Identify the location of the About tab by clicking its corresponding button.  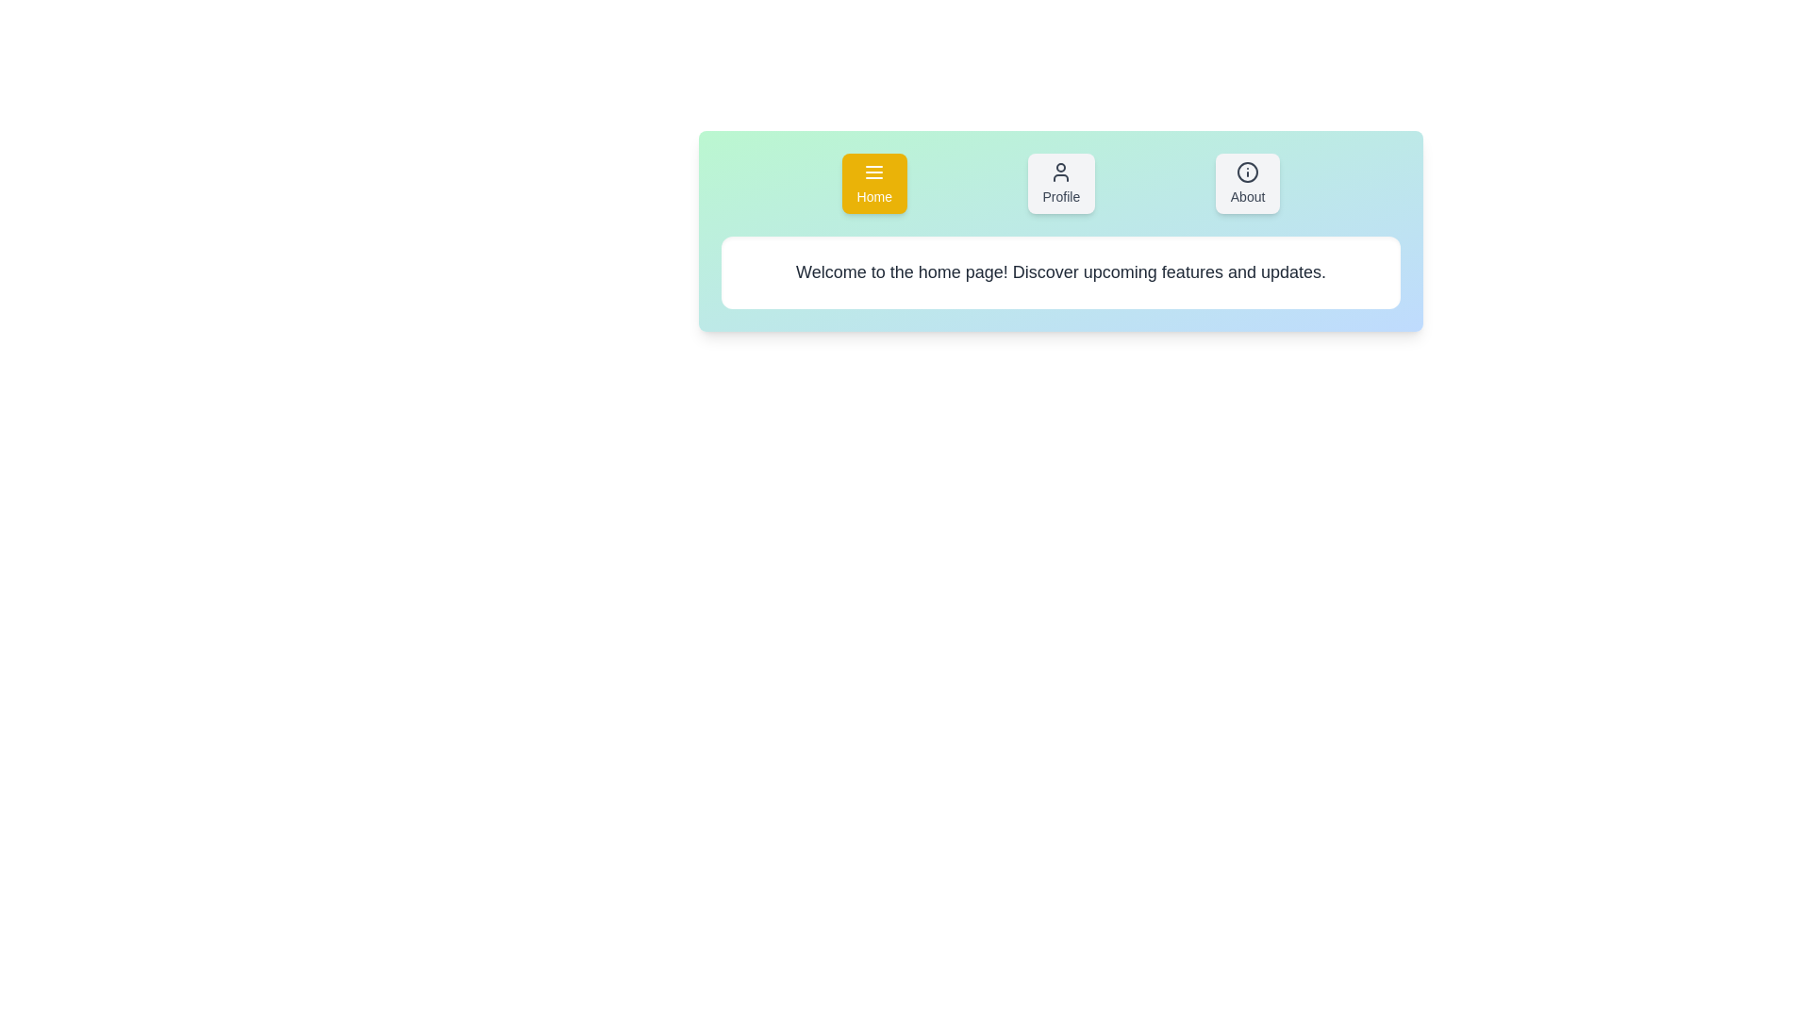
(1248, 184).